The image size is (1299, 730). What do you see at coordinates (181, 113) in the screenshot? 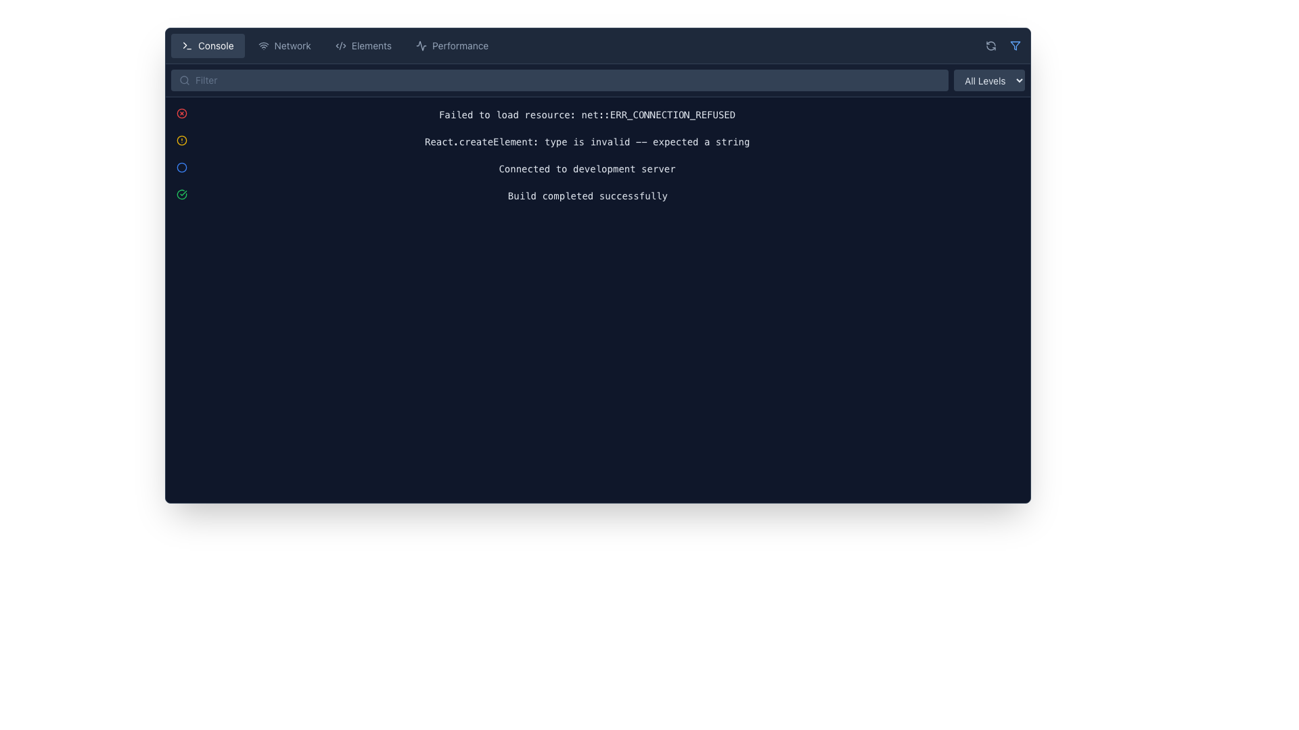
I see `the red circular icon with a white cross, located at the leftmost part of the row, indicating an error notification` at bounding box center [181, 113].